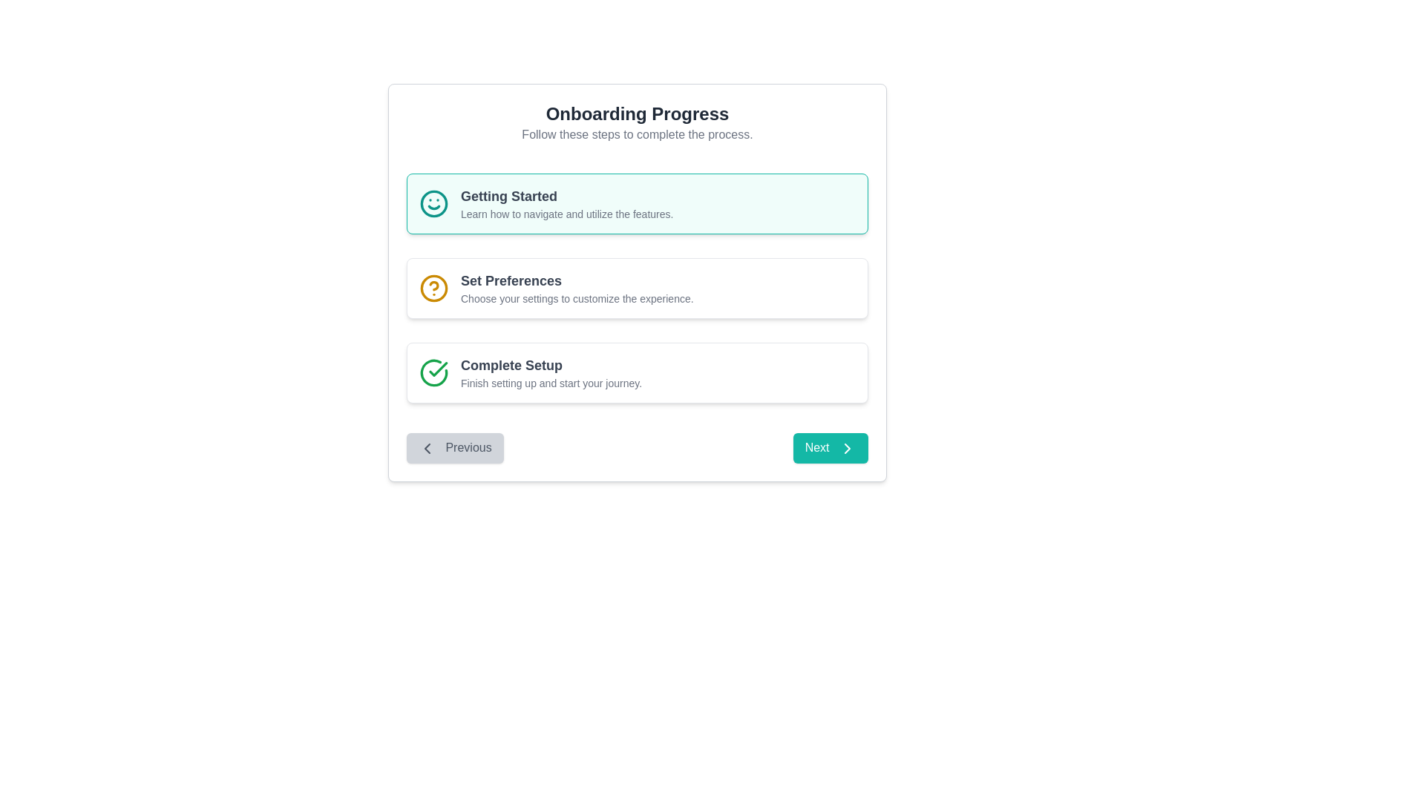 This screenshot has height=801, width=1425. I want to click on the styled text block that summarizes the final setup step in the onboarding process, located to the right of the green check icon and the bottommost item in the list of three steps under 'Onboarding Progress', so click(551, 372).